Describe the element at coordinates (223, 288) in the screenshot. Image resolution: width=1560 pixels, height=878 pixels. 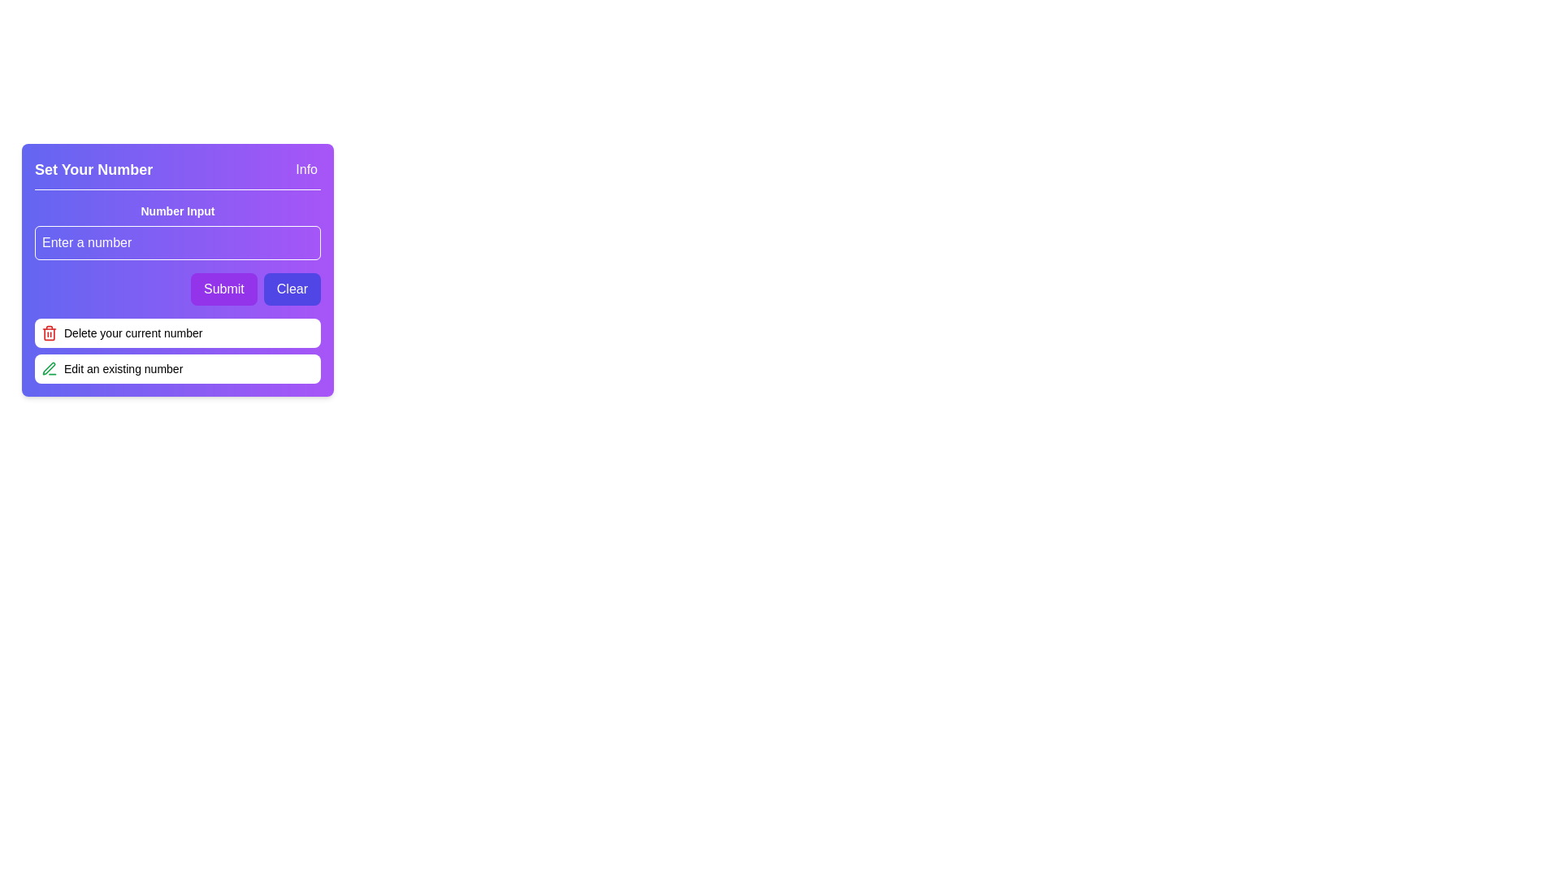
I see `the 'Submit' button, which is a rounded rectangle filled with vibrant purple and contains bold white text` at that location.